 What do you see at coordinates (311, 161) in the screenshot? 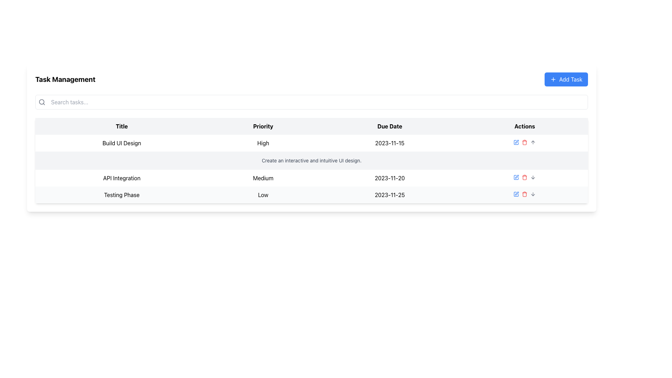
I see `the static text element located in the 'Details' column of the second row under the 'Tasks' section, which provides a description related to the 'Build UI Design' task` at bounding box center [311, 161].